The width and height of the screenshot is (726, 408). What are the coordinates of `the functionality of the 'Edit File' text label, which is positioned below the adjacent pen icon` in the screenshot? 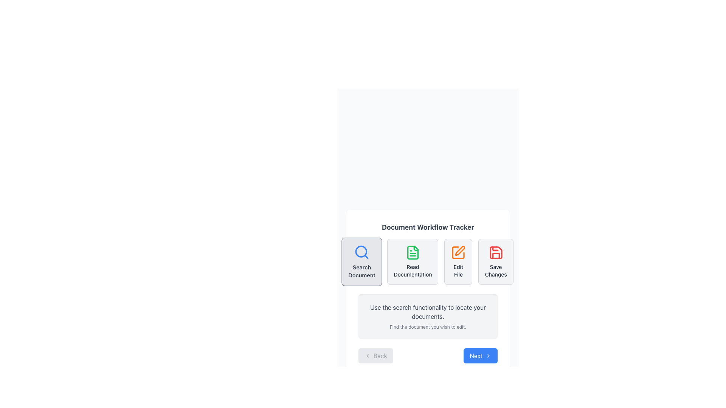 It's located at (458, 270).